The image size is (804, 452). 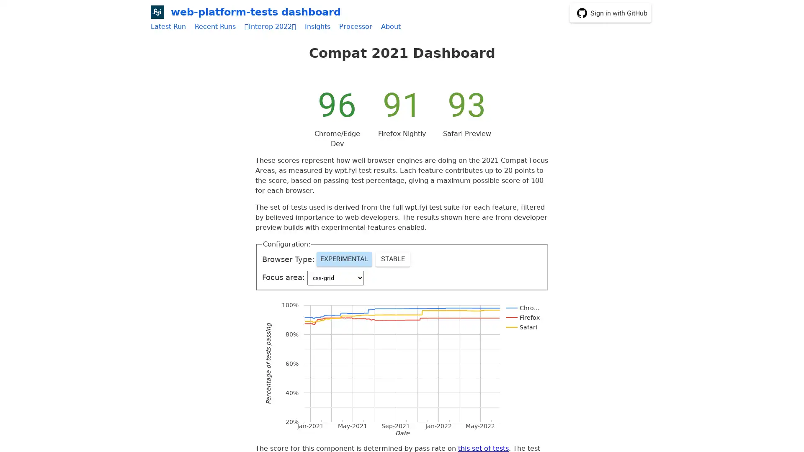 What do you see at coordinates (611, 13) in the screenshot?
I see `Sign in with GitHub` at bounding box center [611, 13].